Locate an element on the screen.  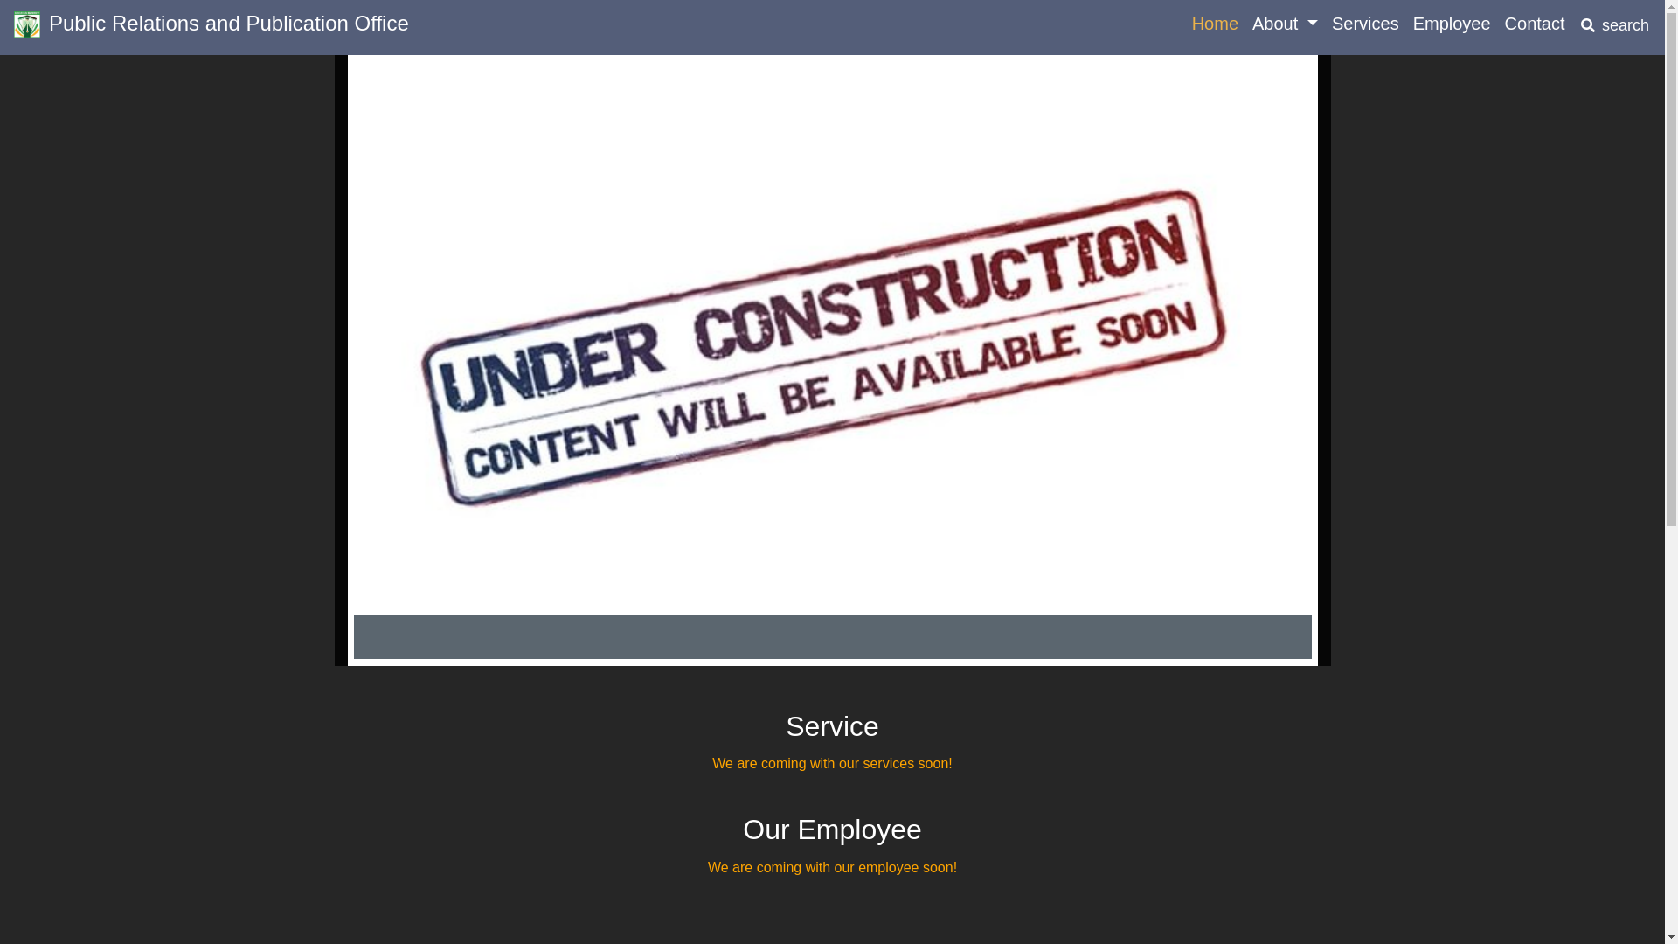
'Employee' is located at coordinates (1452, 24).